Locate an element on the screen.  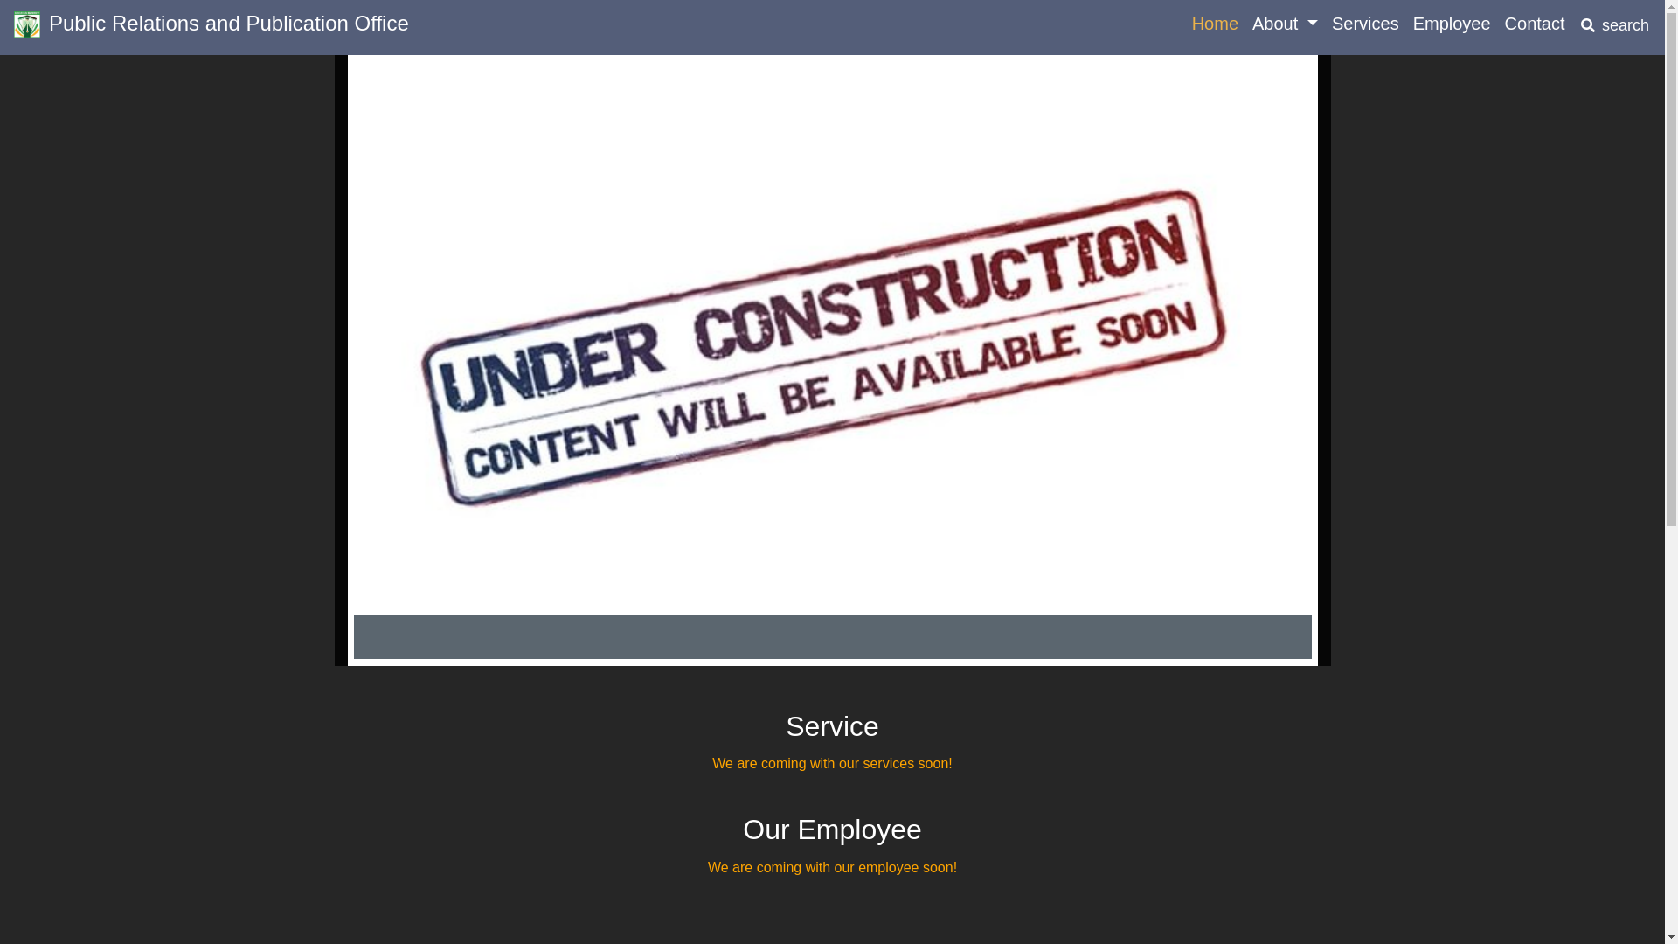
'Employee' is located at coordinates (1452, 24).